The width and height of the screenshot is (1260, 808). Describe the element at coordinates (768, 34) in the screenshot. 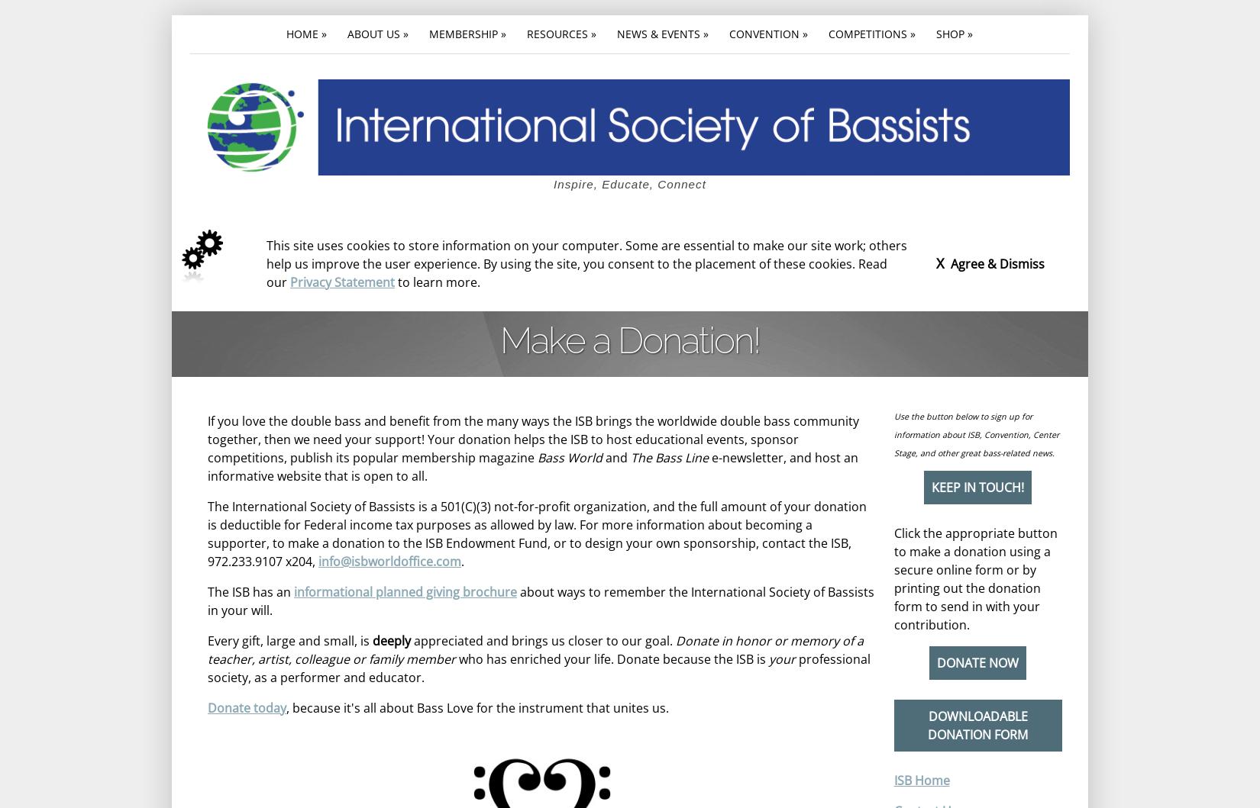

I see `'Convention »'` at that location.